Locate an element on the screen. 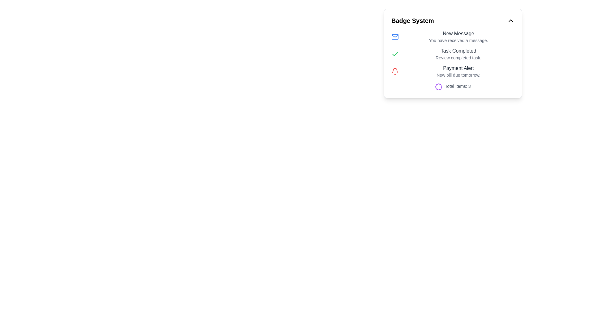 The height and width of the screenshot is (334, 594). the lower triangular line of the envelope icon indicating a 'New Message' notification within the 'Badge System' card is located at coordinates (394, 36).